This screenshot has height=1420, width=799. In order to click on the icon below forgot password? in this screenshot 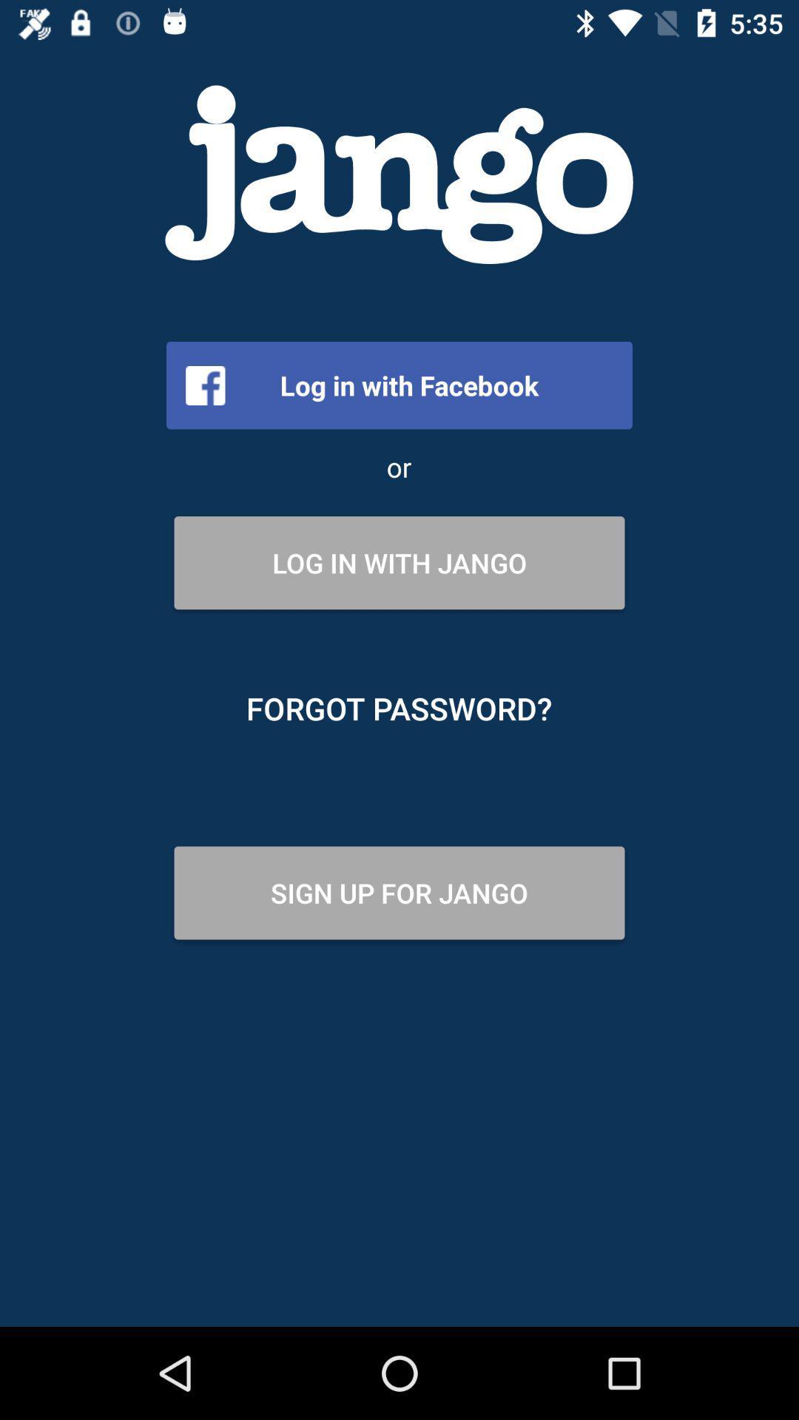, I will do `click(399, 892)`.